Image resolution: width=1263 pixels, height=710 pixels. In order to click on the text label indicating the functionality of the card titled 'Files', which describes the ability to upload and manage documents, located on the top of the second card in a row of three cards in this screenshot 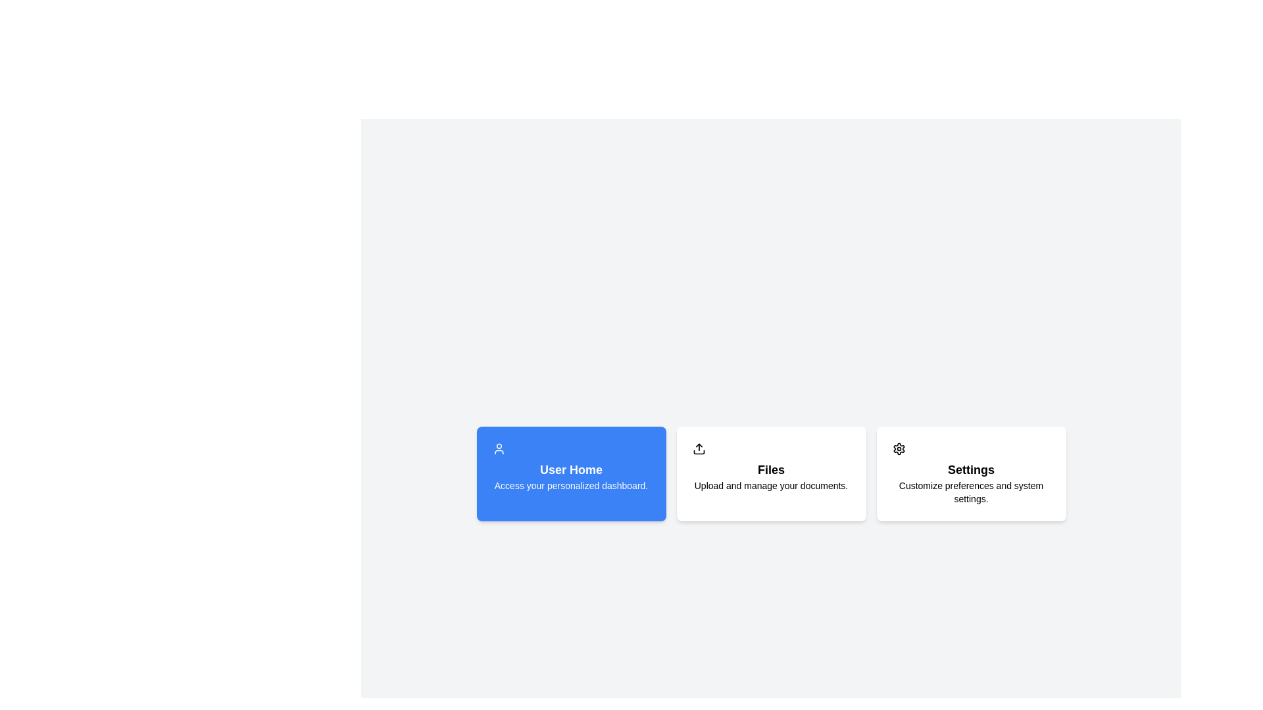, I will do `click(771, 469)`.